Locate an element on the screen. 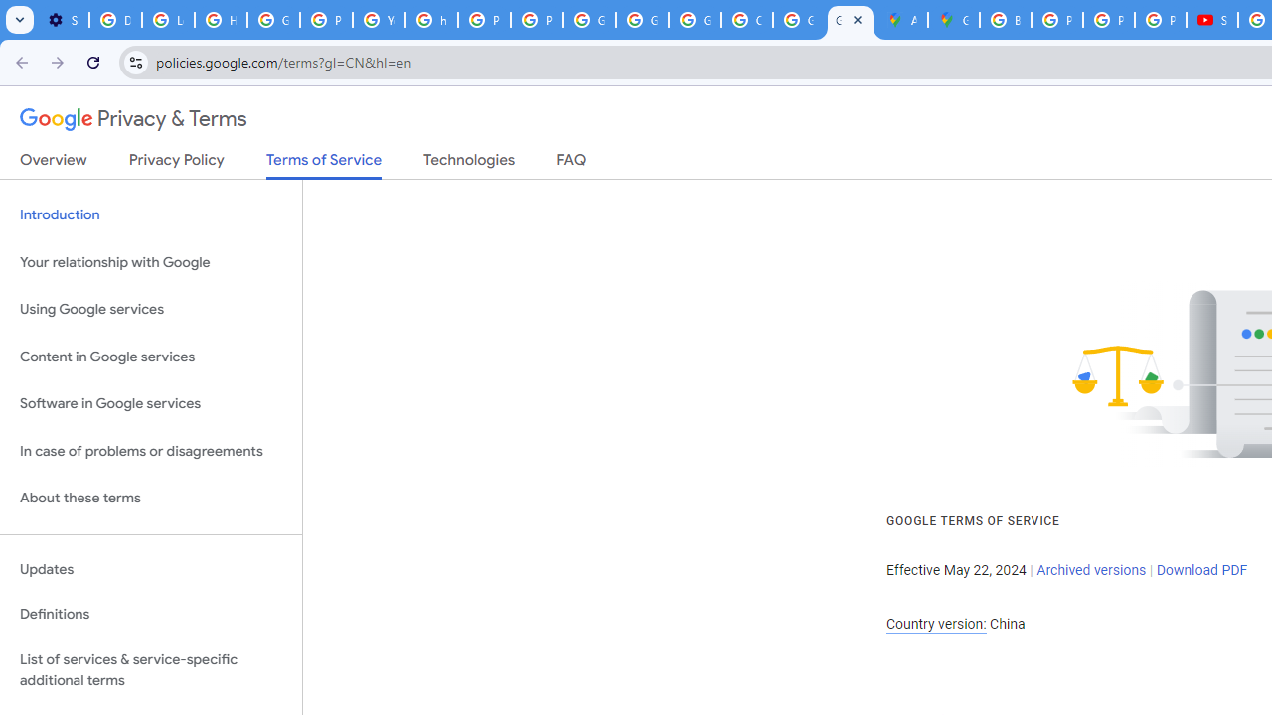 The image size is (1272, 715). 'Technologies' is located at coordinates (468, 163).